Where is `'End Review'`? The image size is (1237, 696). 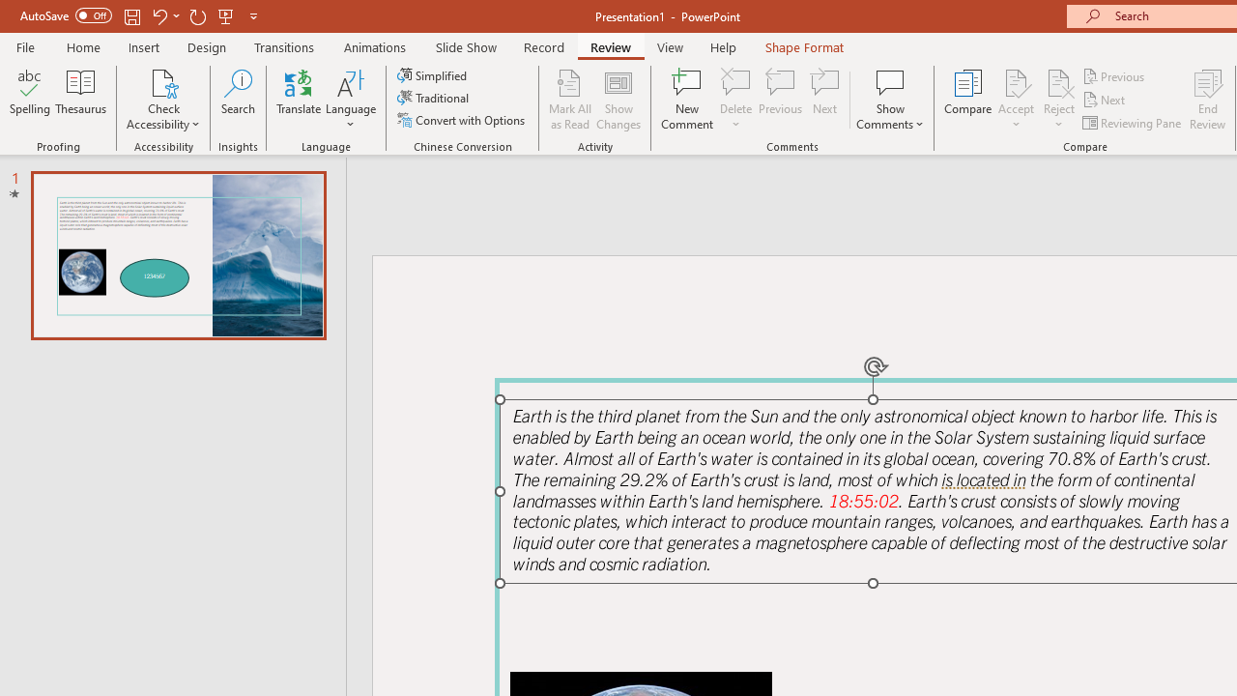
'End Review' is located at coordinates (1206, 100).